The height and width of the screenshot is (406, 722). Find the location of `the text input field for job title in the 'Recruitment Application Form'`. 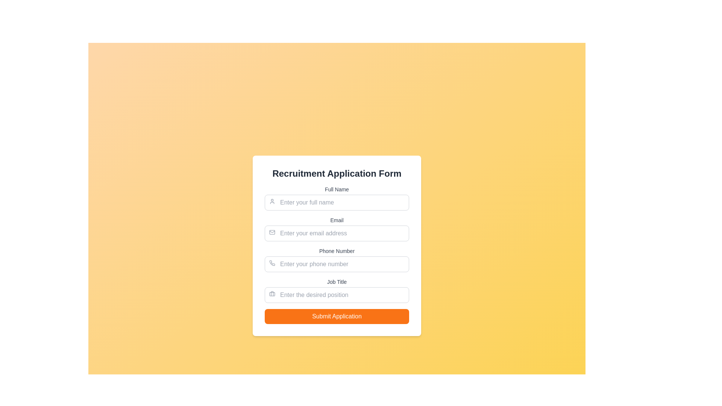

the text input field for job title in the 'Recruitment Application Form' is located at coordinates (337, 295).